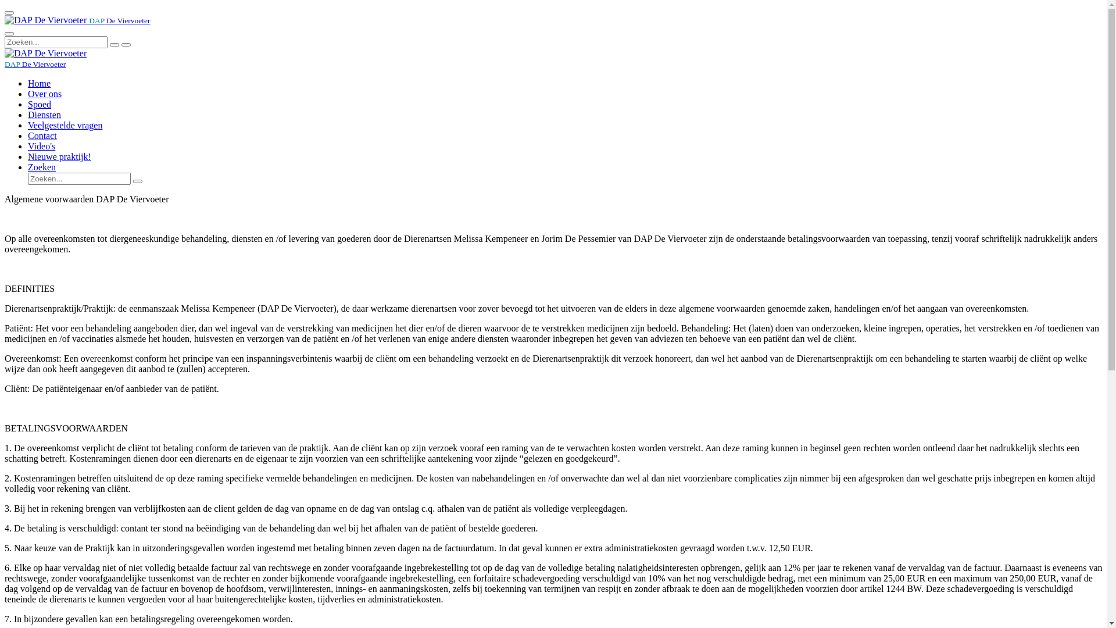 Image resolution: width=1116 pixels, height=628 pixels. I want to click on 'DAP De Viervoeter', so click(45, 53).